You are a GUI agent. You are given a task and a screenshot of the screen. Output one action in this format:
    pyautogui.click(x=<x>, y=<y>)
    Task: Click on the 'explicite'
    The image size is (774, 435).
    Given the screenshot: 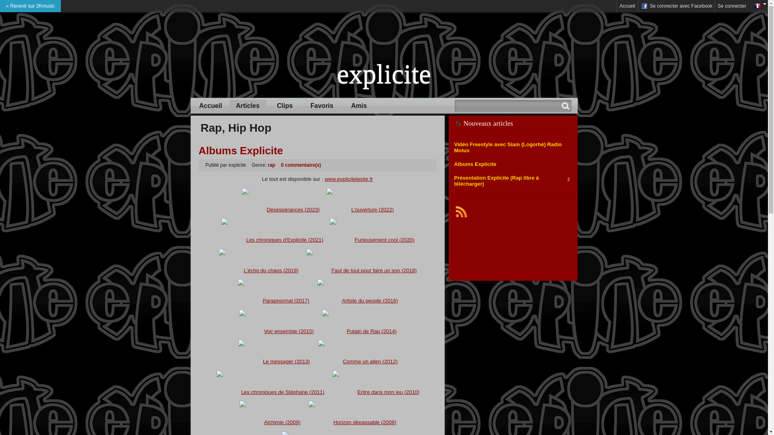 What is the action you would take?
    pyautogui.click(x=384, y=74)
    